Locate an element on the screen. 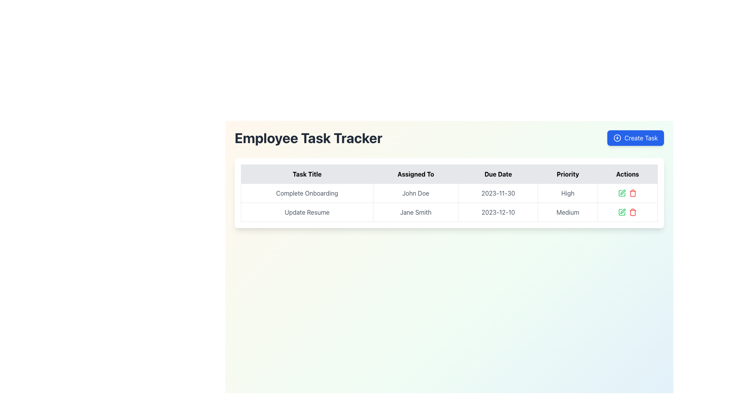 The image size is (746, 420). the table row listing the task 'Update Resume' assigned to 'Jane Smith' with a due date of '2023-12-10' and priority 'Medium' is located at coordinates (449, 212).